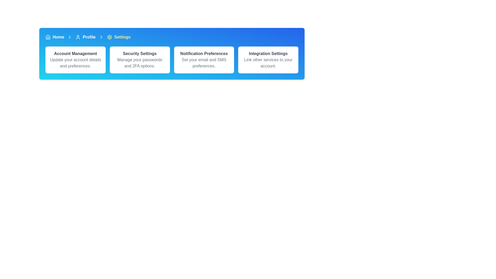 The width and height of the screenshot is (496, 279). What do you see at coordinates (75, 63) in the screenshot?
I see `the text element that provides a descriptive explanation for the 'Account Management' card, located below it within a white card` at bounding box center [75, 63].